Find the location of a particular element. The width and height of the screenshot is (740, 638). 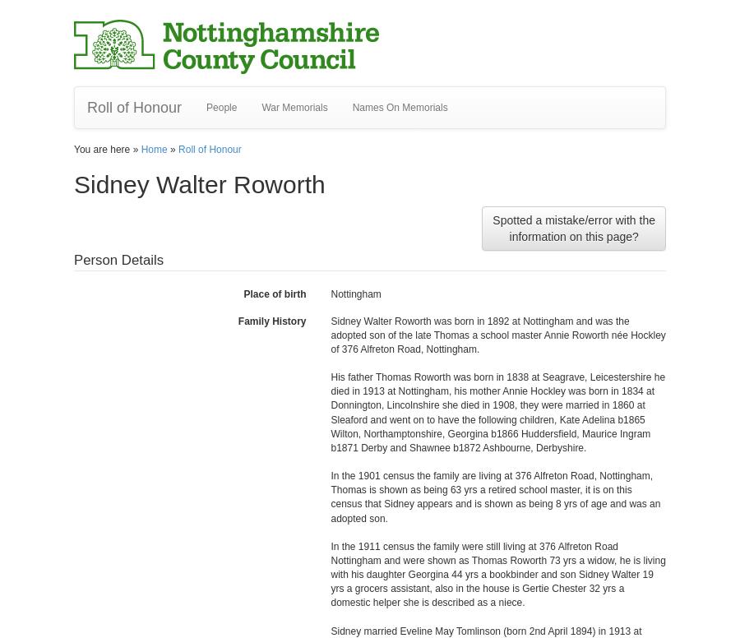

'Sidney Walter Roworth' is located at coordinates (198, 184).